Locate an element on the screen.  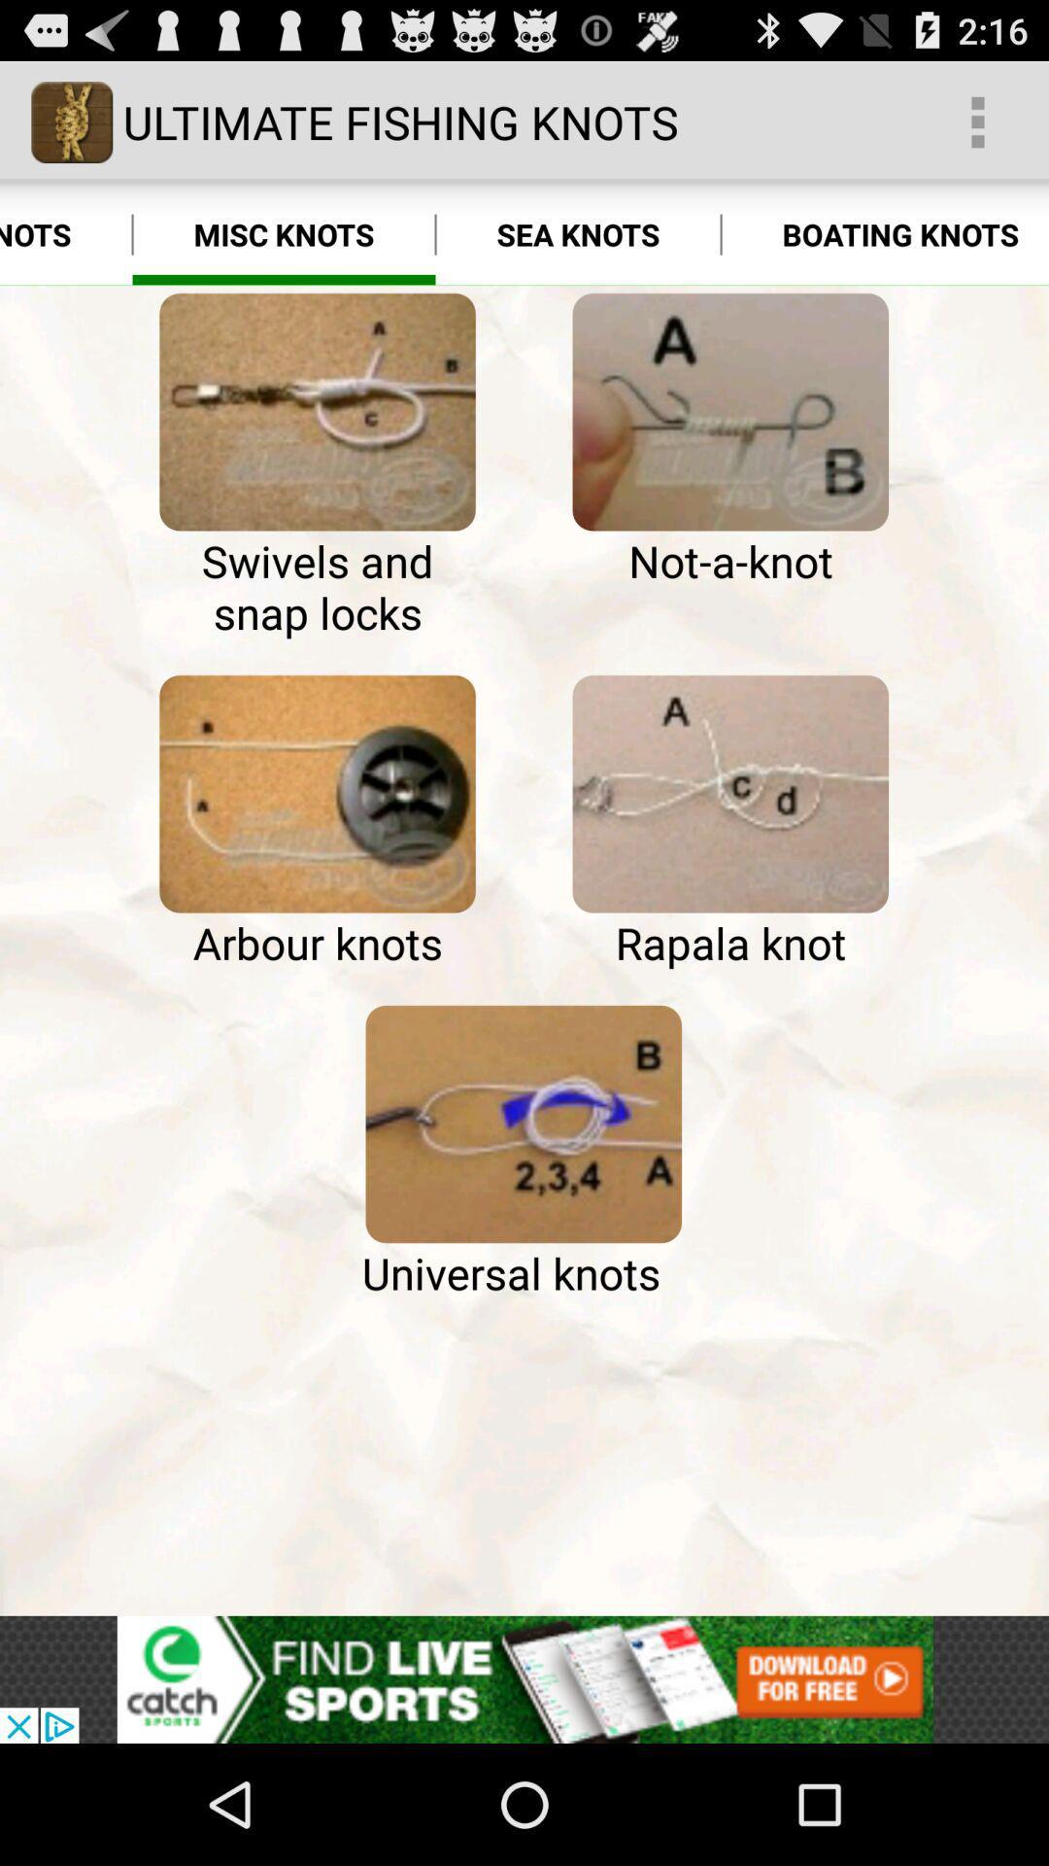
icon next to the hook knots is located at coordinates (317, 411).